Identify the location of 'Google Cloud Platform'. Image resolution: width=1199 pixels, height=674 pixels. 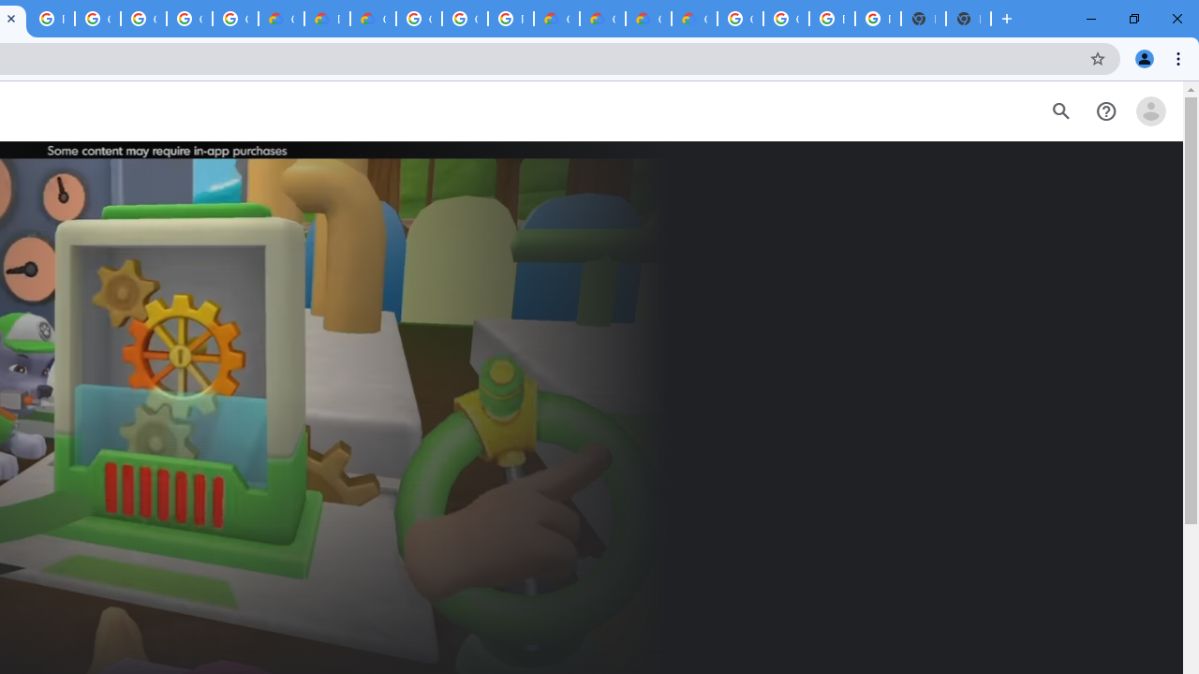
(465, 19).